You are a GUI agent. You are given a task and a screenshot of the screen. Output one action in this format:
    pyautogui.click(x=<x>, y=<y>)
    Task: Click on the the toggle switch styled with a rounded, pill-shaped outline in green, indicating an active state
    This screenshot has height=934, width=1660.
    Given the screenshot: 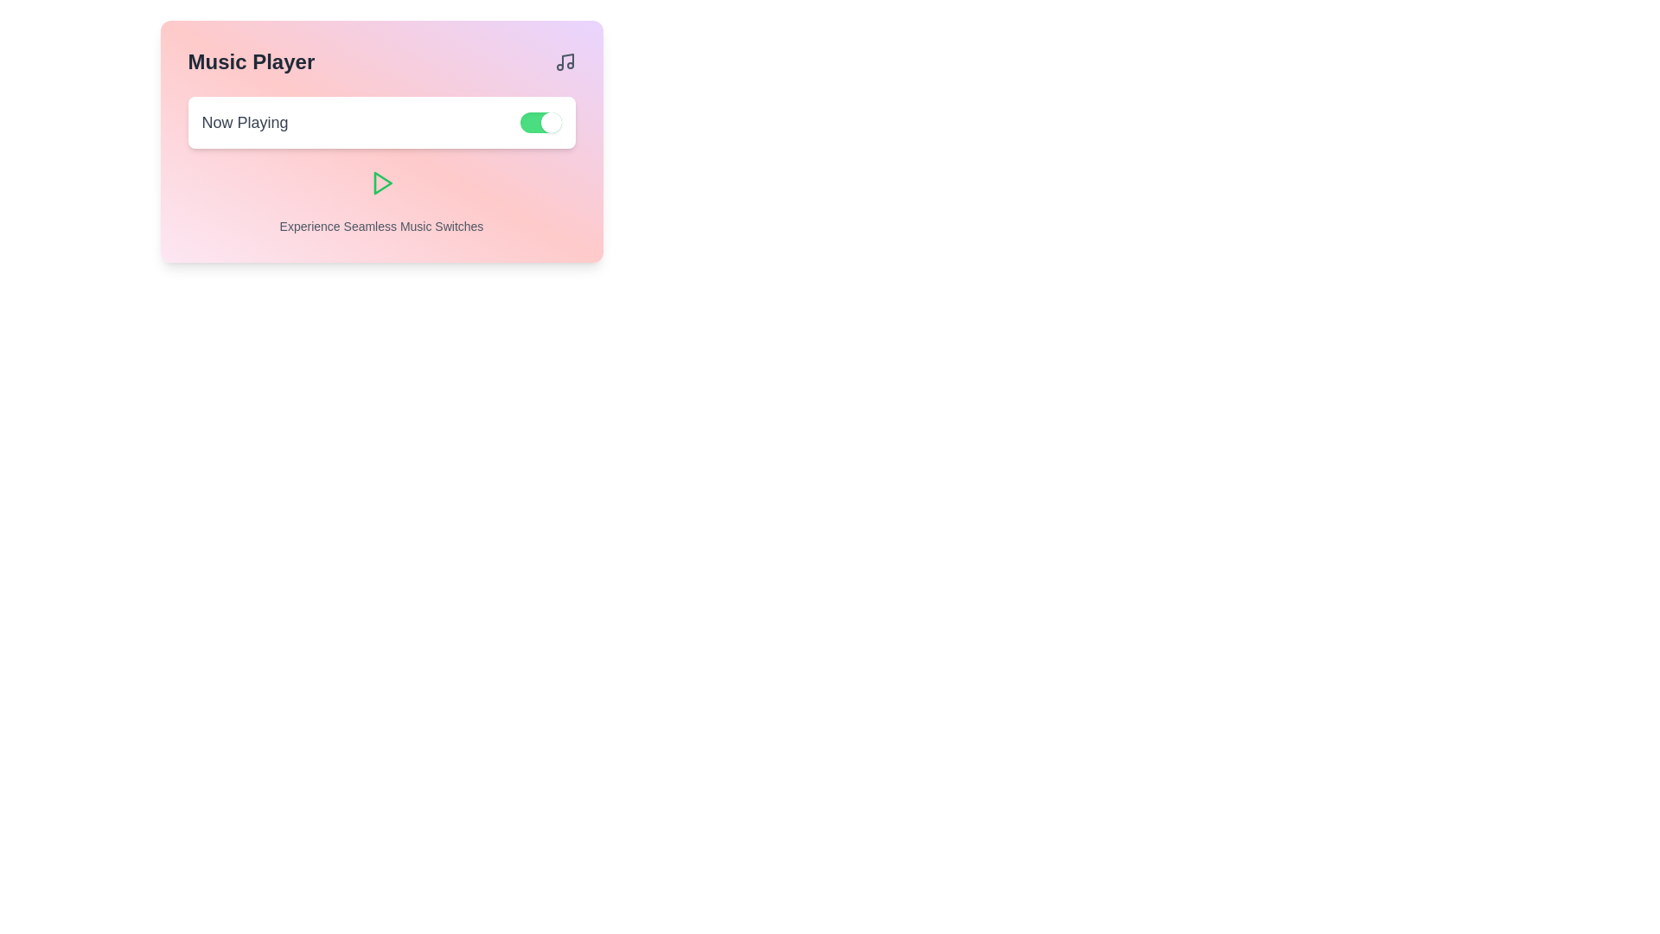 What is the action you would take?
    pyautogui.click(x=539, y=122)
    